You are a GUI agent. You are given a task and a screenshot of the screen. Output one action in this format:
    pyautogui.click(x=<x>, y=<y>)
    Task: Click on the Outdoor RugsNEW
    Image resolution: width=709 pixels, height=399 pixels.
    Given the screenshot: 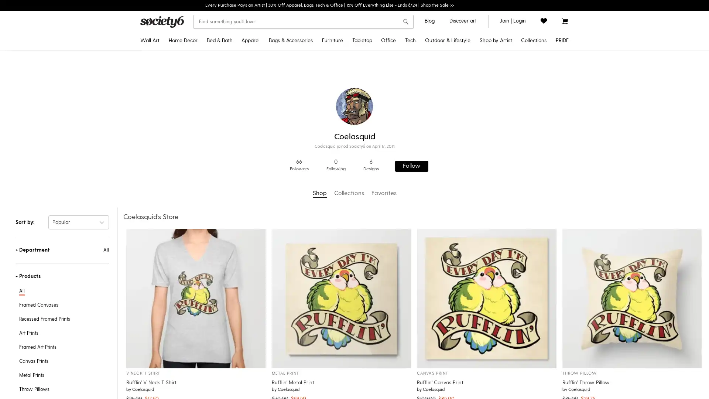 What is the action you would take?
    pyautogui.click(x=457, y=59)
    